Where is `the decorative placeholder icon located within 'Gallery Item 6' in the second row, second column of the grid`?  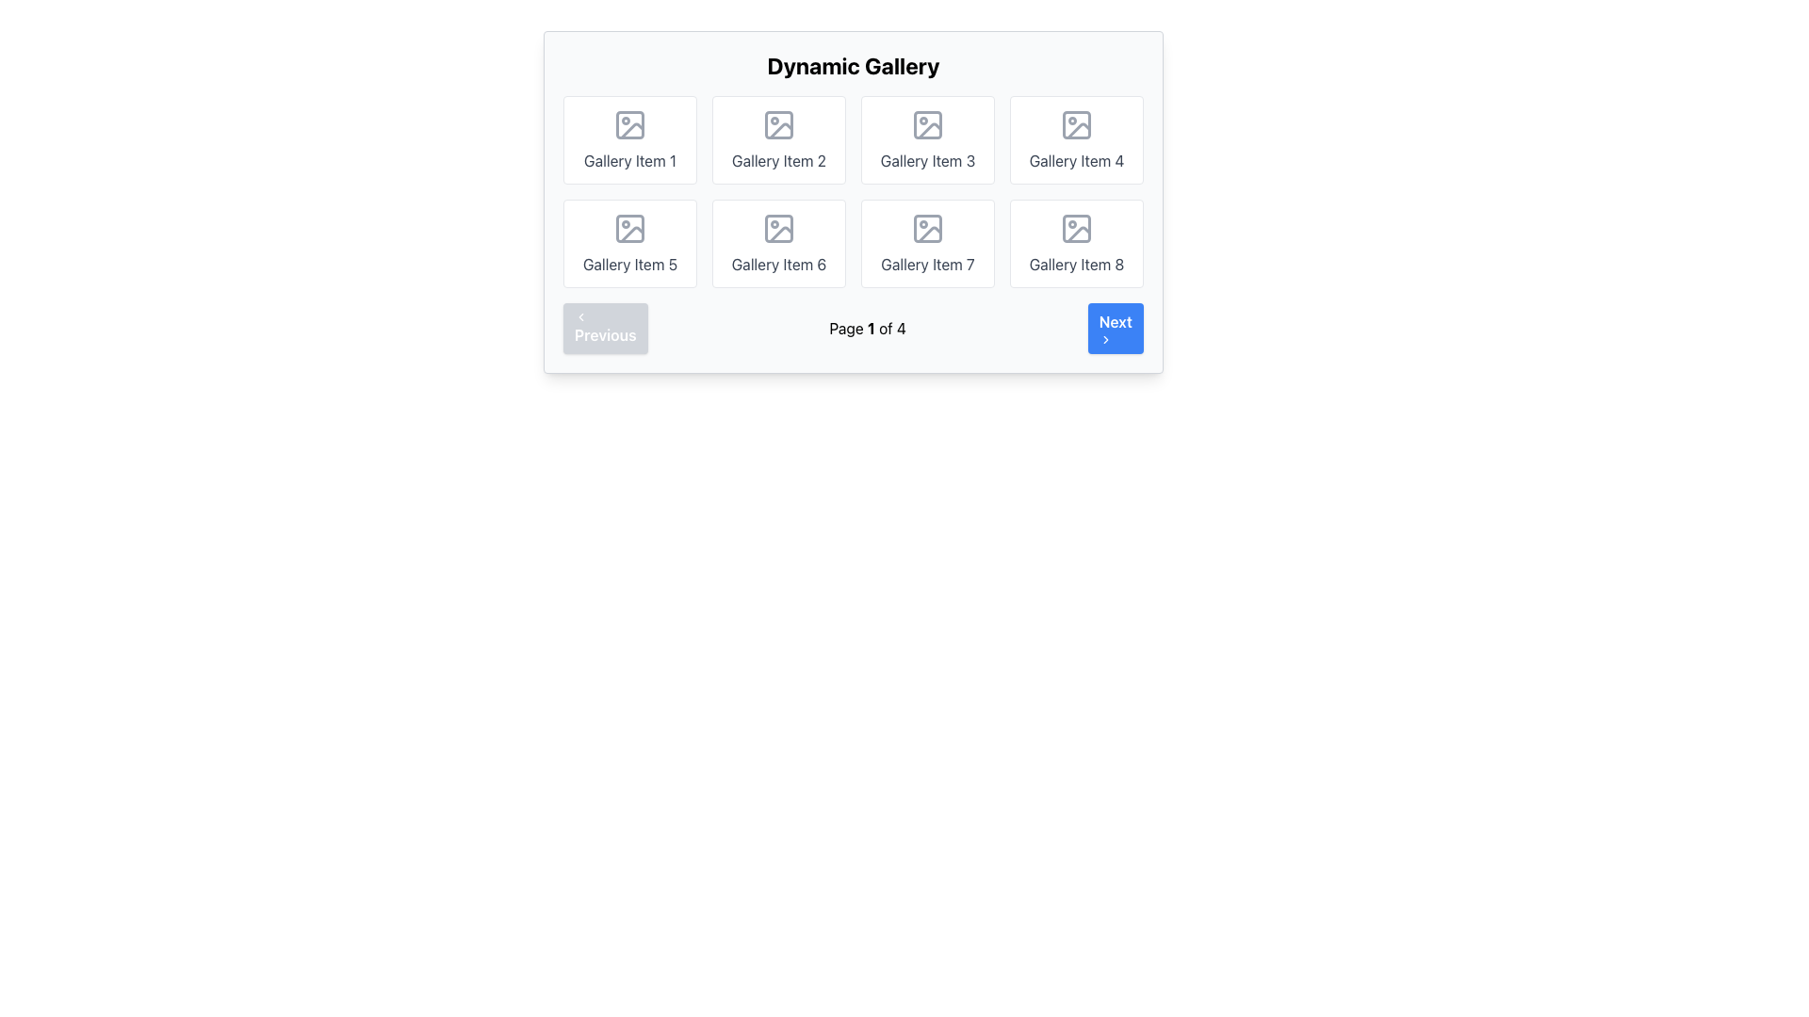 the decorative placeholder icon located within 'Gallery Item 6' in the second row, second column of the grid is located at coordinates (781, 234).